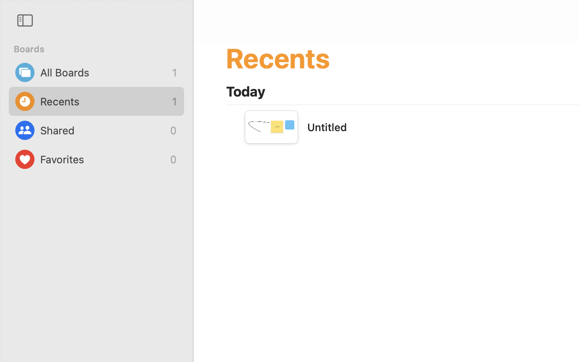 This screenshot has height=362, width=579. Describe the element at coordinates (103, 130) in the screenshot. I see `'Shared'` at that location.